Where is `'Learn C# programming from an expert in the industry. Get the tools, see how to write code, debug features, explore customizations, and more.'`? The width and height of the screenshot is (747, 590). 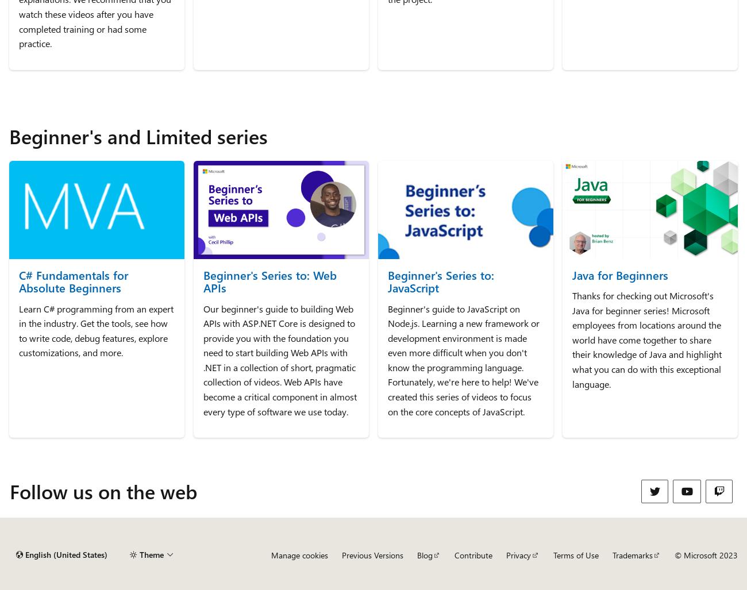
'Learn C# programming from an expert in the industry. Get the tools, see how to write code, debug features, explore customizations, and more.' is located at coordinates (18, 330).